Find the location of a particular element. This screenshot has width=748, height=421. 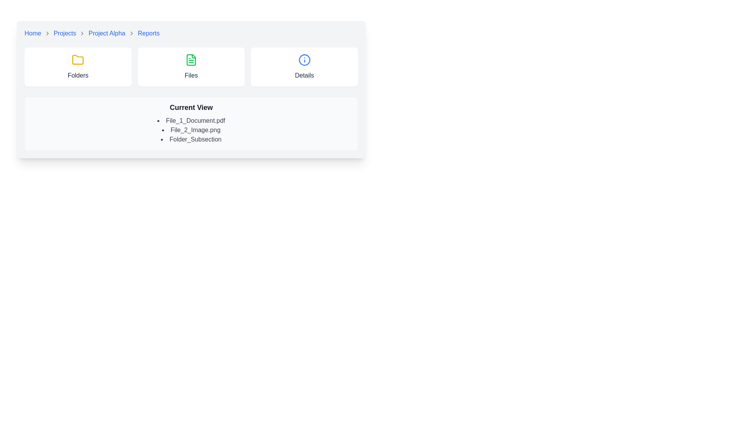

the first text link in the breadcrumb navigation trail is located at coordinates (32, 33).